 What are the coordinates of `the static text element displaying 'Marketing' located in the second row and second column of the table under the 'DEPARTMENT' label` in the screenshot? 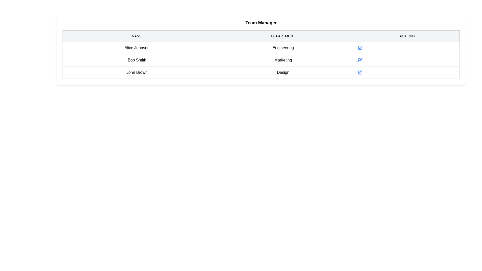 It's located at (283, 60).